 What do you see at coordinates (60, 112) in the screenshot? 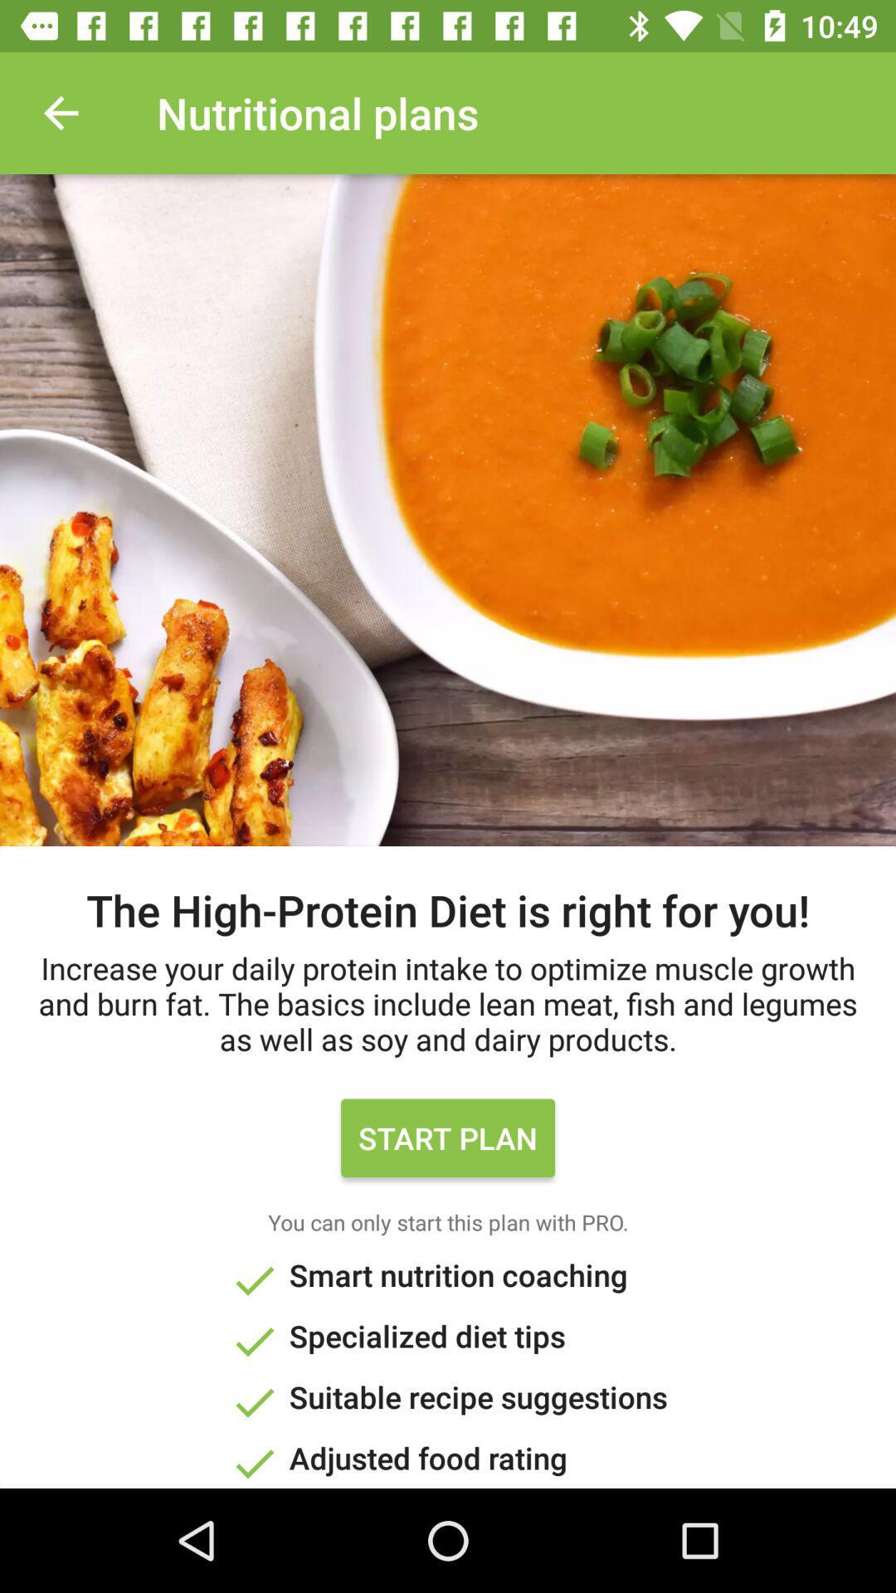
I see `icon to the left of nutritional plans item` at bounding box center [60, 112].